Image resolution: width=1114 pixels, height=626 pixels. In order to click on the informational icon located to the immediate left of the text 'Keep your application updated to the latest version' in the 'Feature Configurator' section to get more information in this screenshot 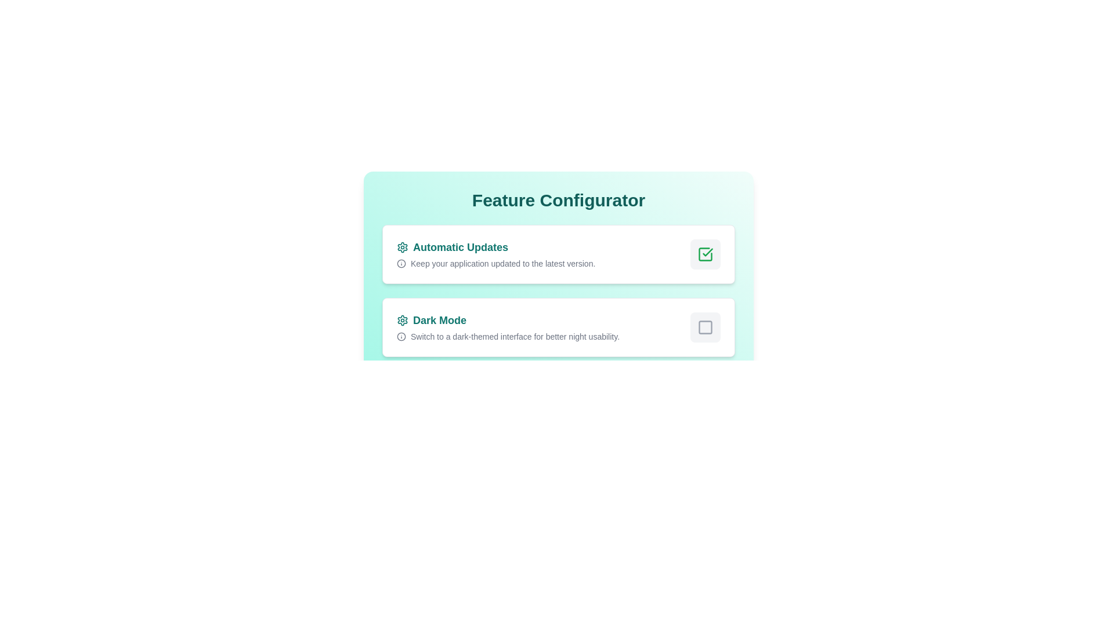, I will do `click(401, 264)`.